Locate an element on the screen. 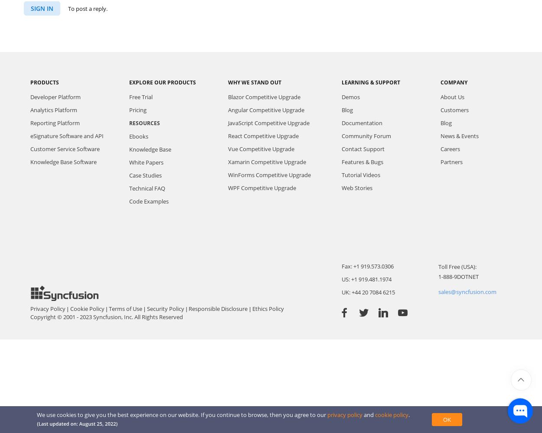  'React Competitive Upgrade' is located at coordinates (263, 136).